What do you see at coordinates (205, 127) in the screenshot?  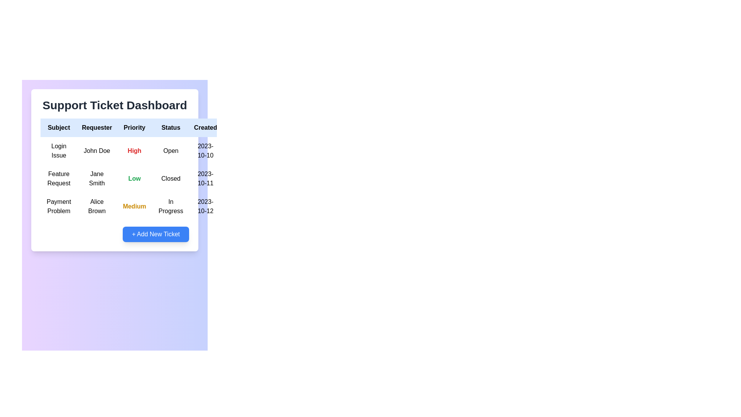 I see `the 'Created' table header cell to sort the column` at bounding box center [205, 127].